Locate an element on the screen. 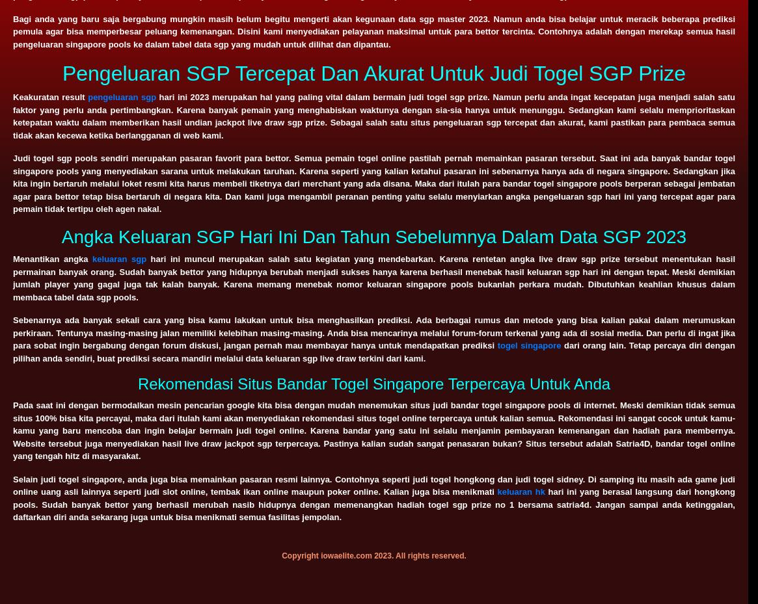 This screenshot has height=604, width=758. 'Sebenarnya ada banyak sekali cara yang bisa kamu lakukan untuk bisa menghasilkan prediksi. Ada berbagai rumus dan metode yang bisa kalian pakai dalam merumuskan perkiraan. Tentunya masing-masing jalan memiliki kelebihan masing-masing. Anda bisa mencarinya melalui forum-forum terkenal yang ada di sosial media. Dan perlu di ingat jika para sobat ingin bergabung dengan forum diskusi, jangan pernah mau membayar hanya untuk mendapatkan prediksi' is located at coordinates (374, 332).